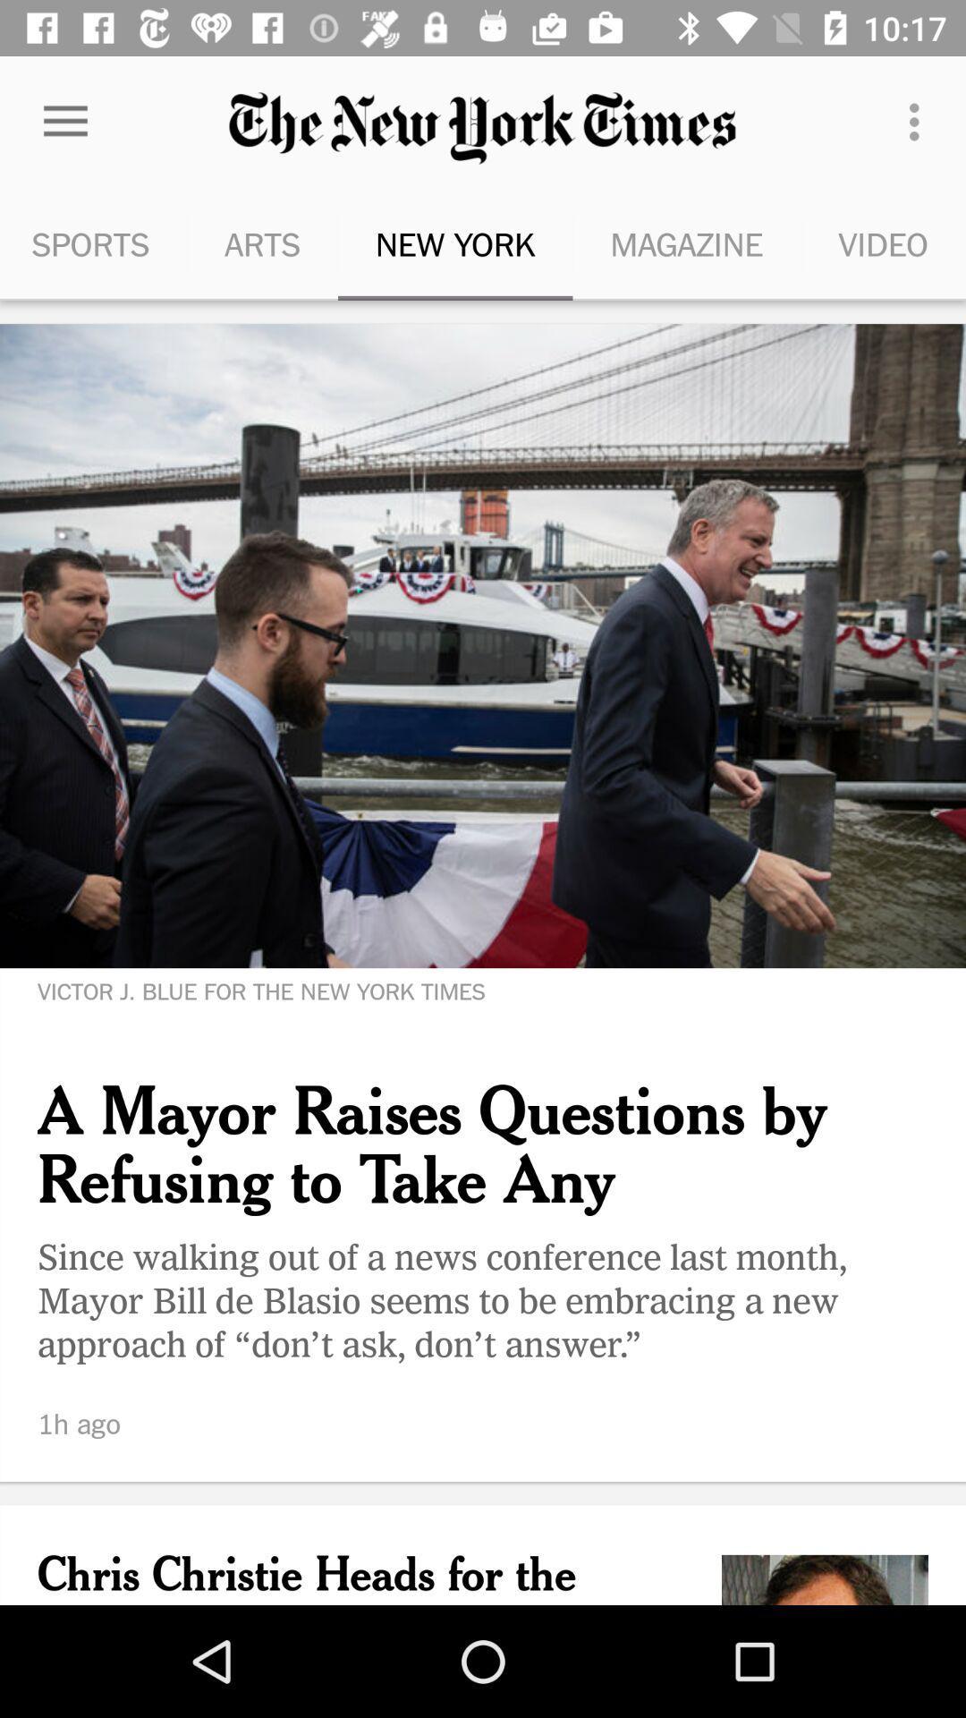  What do you see at coordinates (262, 243) in the screenshot?
I see `item next to the new york item` at bounding box center [262, 243].